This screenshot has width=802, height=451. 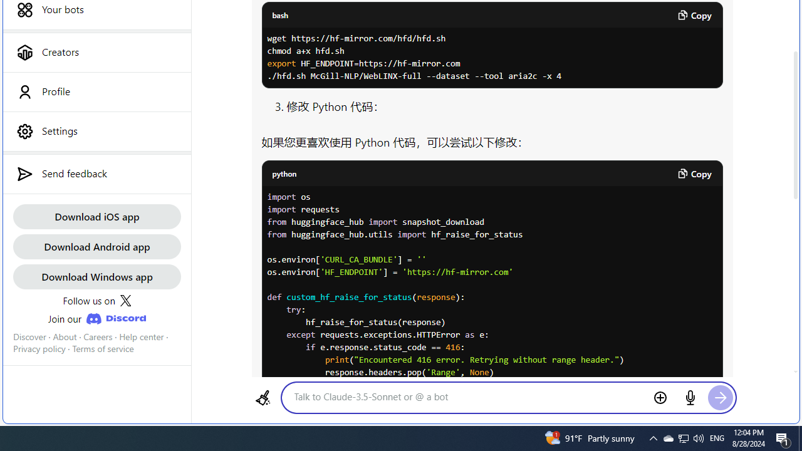 I want to click on 'Copy', so click(x=693, y=174).